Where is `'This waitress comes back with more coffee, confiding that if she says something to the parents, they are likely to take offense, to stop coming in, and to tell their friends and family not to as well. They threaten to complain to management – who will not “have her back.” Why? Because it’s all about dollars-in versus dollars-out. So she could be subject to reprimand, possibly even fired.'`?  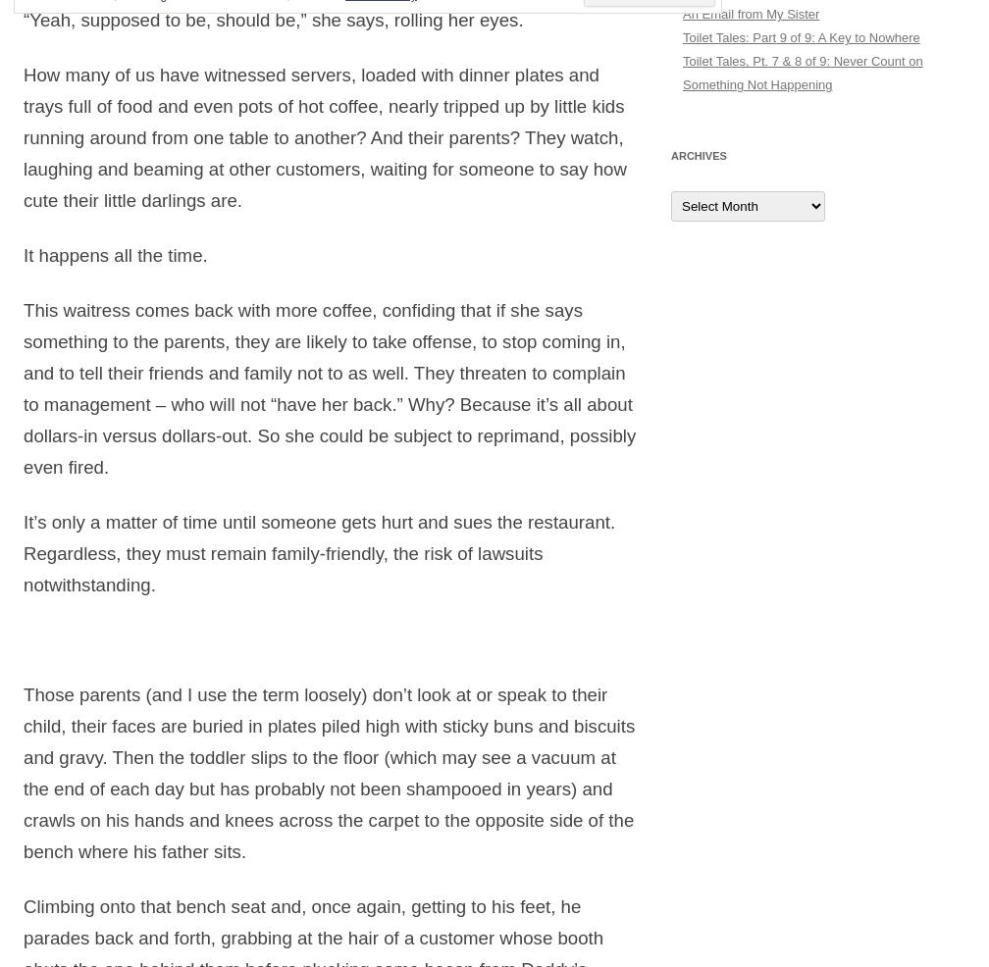
'This waitress comes back with more coffee, confiding that if she says something to the parents, they are likely to take offense, to stop coming in, and to tell their friends and family not to as well. They threaten to complain to management – who will not “have her back.” Why? Because it’s all about dollars-in versus dollars-out. So she could be subject to reprimand, possibly even fired.' is located at coordinates (23, 387).